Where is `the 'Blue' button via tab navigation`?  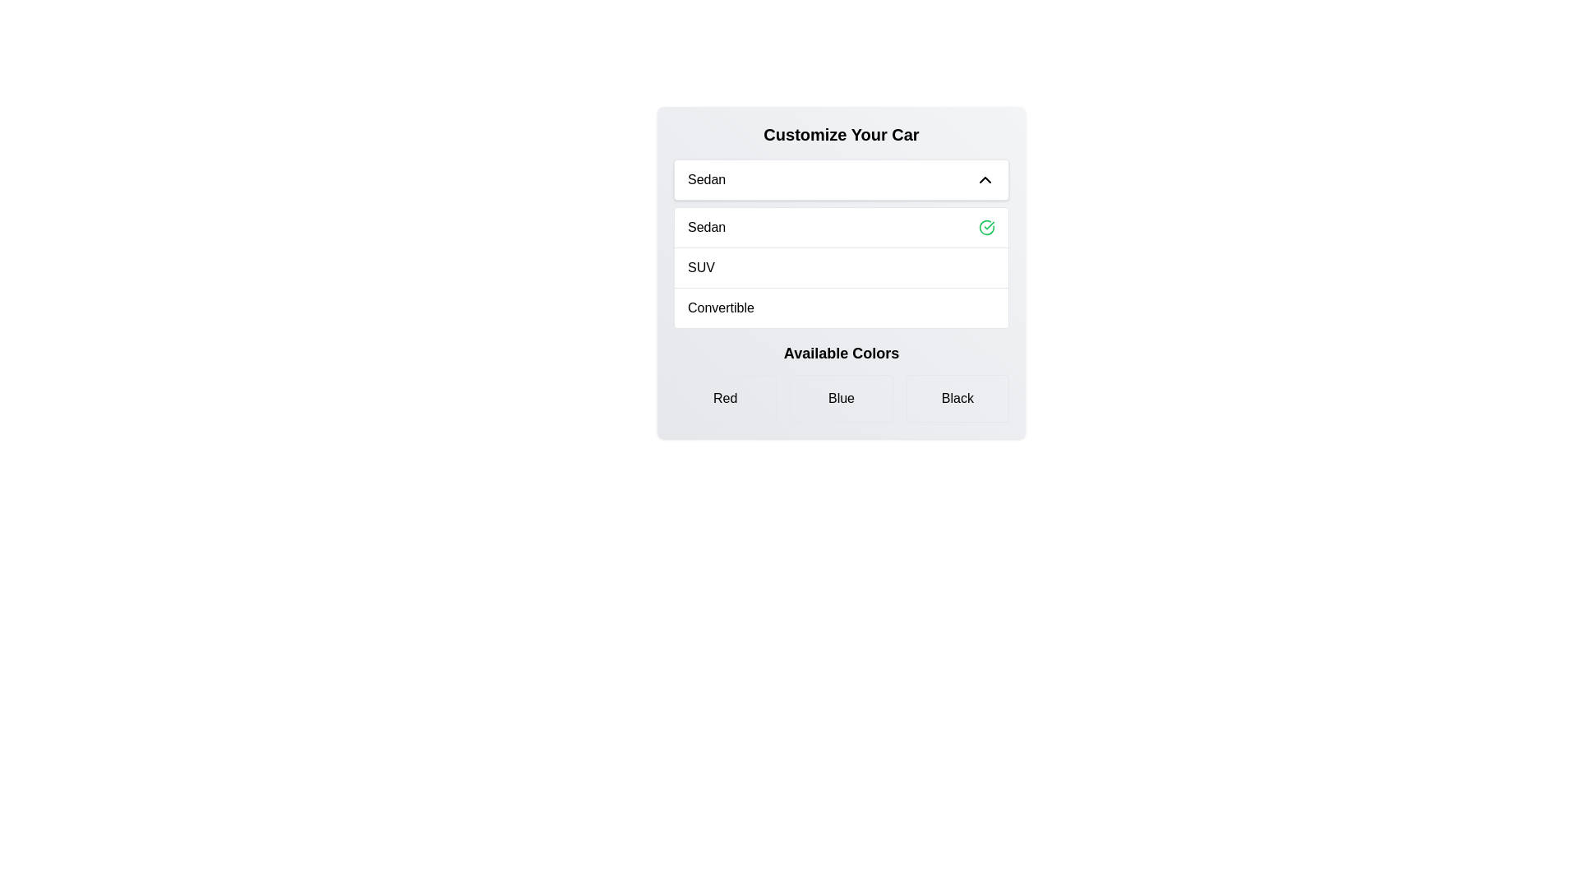 the 'Blue' button via tab navigation is located at coordinates (841, 399).